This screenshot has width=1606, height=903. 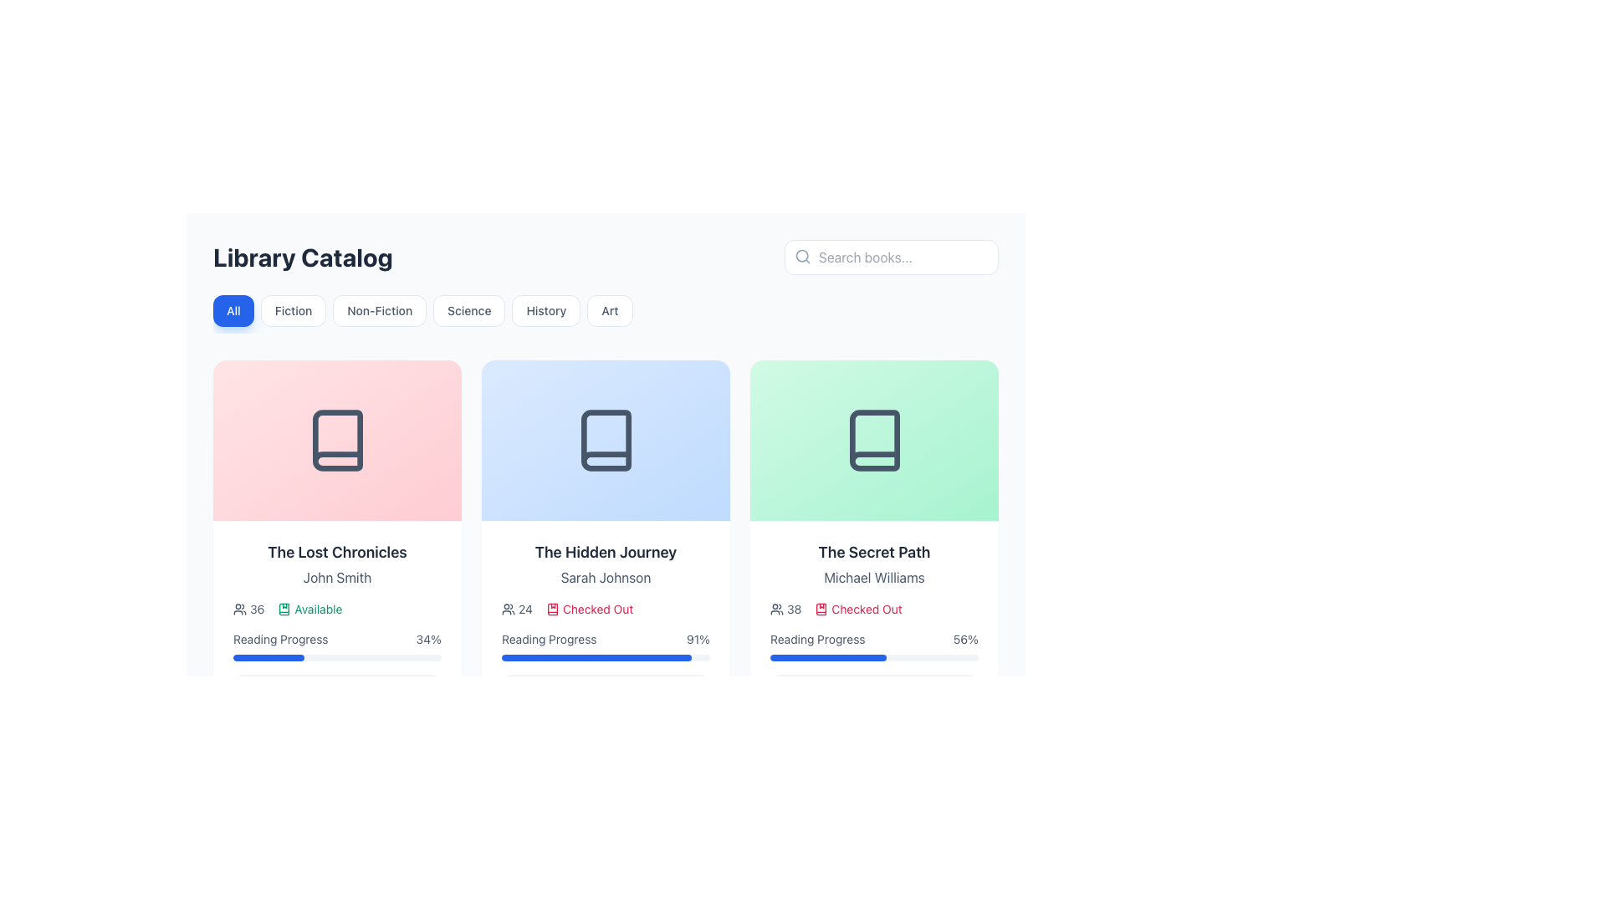 I want to click on user count information displayed in the second book card, located under the title and author information, to the left of the 'Checked Out' text, so click(x=516, y=610).